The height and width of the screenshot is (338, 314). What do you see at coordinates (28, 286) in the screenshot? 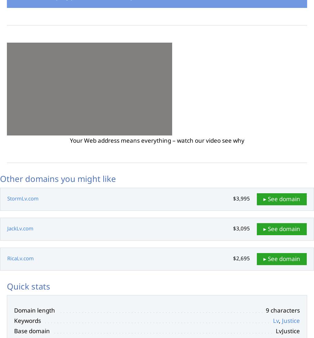
I see `'Quick stats'` at bounding box center [28, 286].